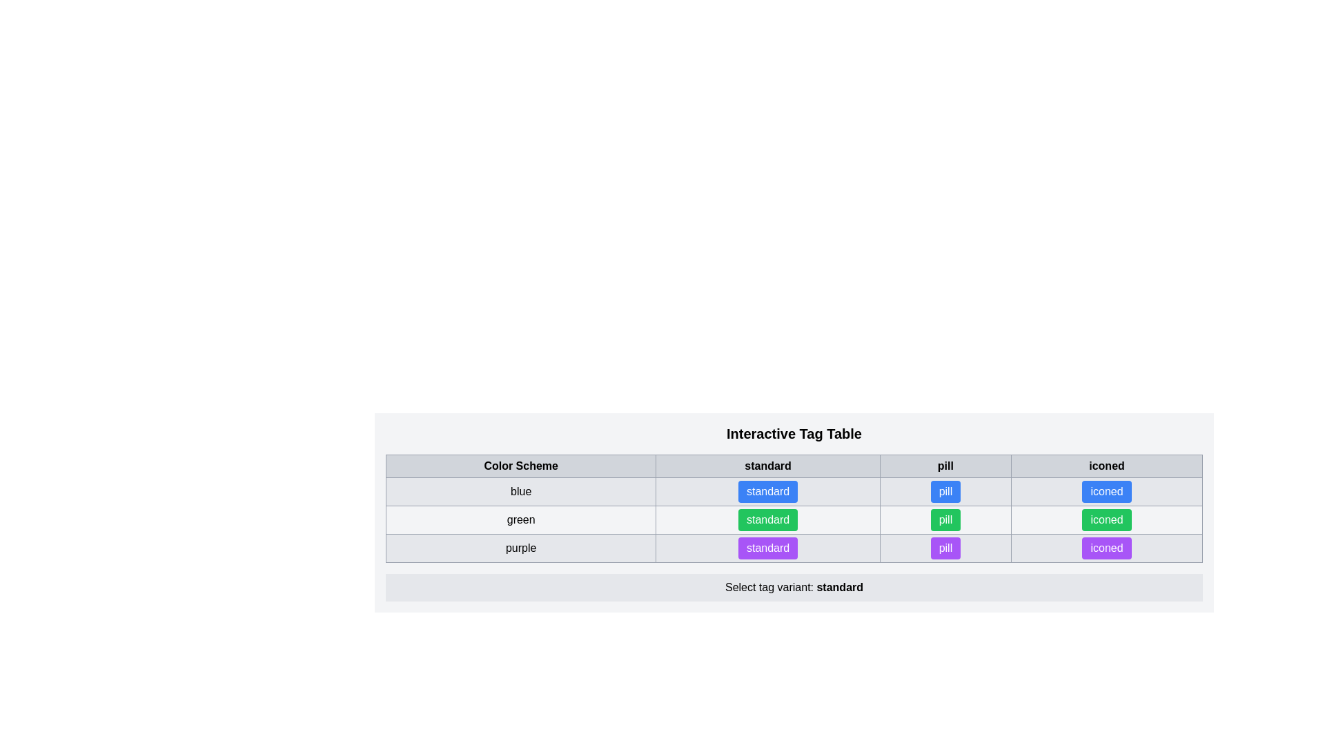 This screenshot has height=745, width=1325. Describe the element at coordinates (794, 588) in the screenshot. I see `the Text label that provides information or instructions related to selecting a tag variant, positioned below the 'Interactive Tag Table'` at that location.